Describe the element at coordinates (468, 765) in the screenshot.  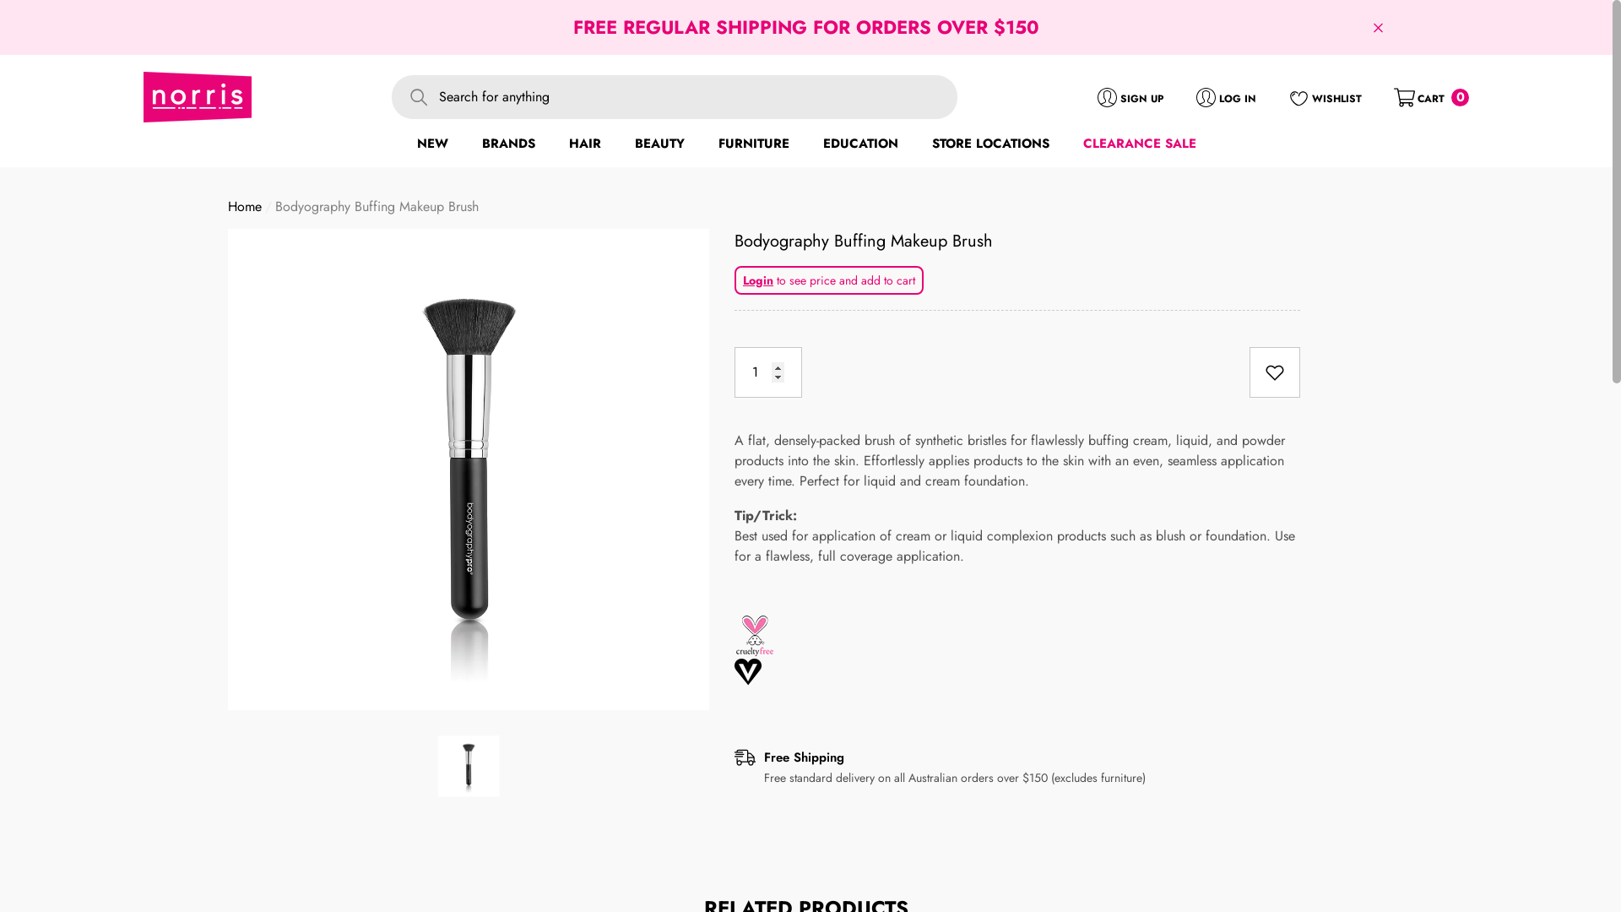
I see `'Bodyography Buffing Makeup Brush - Norris Hair & Beauty'` at that location.